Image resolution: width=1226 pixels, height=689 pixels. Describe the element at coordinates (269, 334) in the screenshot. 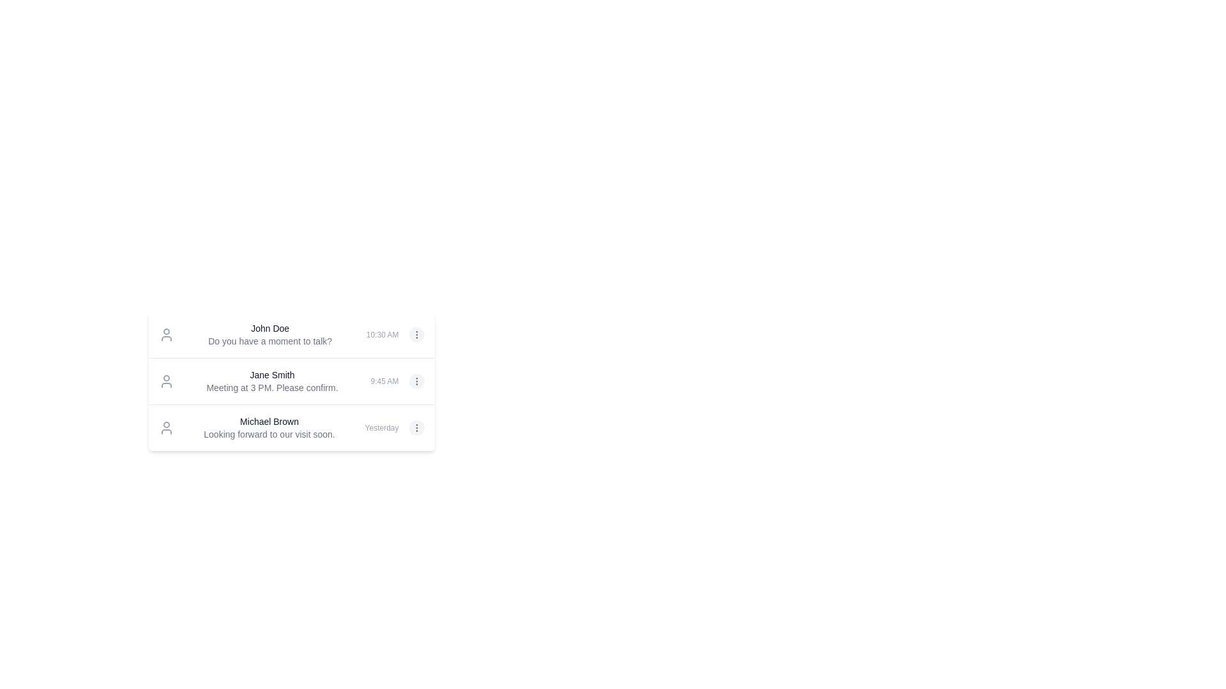

I see `the text display element that shows the sender's name 'John Doe' and message preview 'Do you have a moment to talk?'` at that location.